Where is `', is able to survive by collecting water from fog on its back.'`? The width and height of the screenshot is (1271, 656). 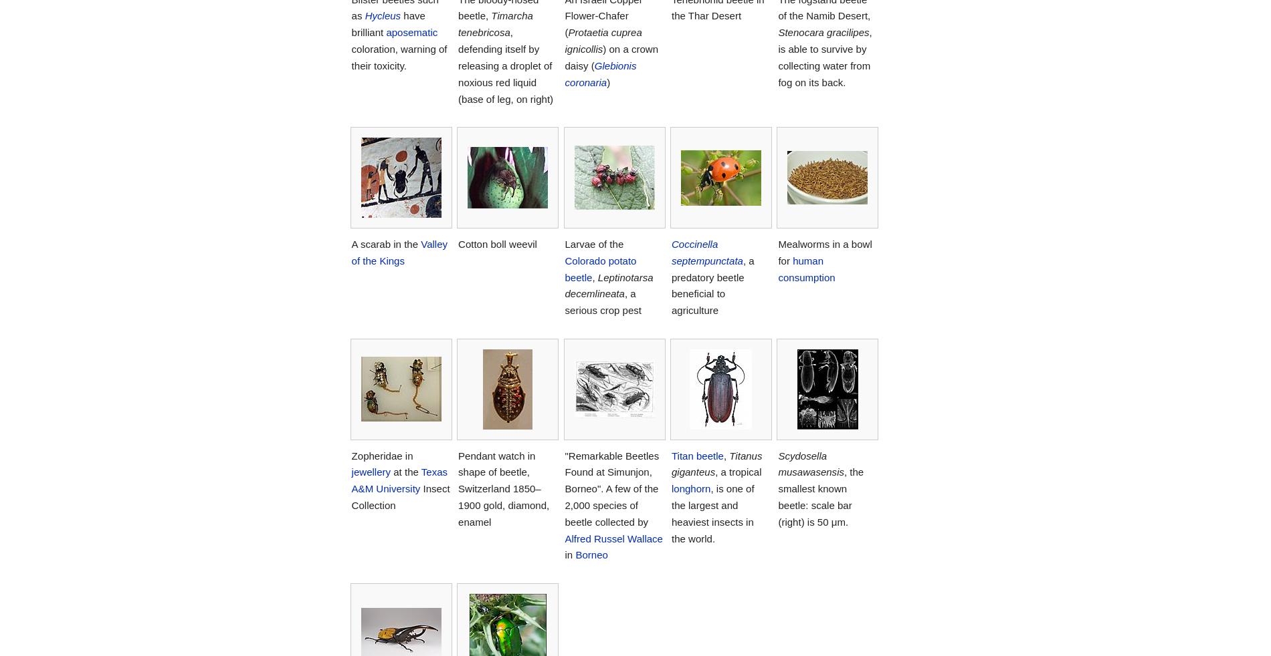 ', is able to survive by collecting water from fog on its back.' is located at coordinates (823, 56).